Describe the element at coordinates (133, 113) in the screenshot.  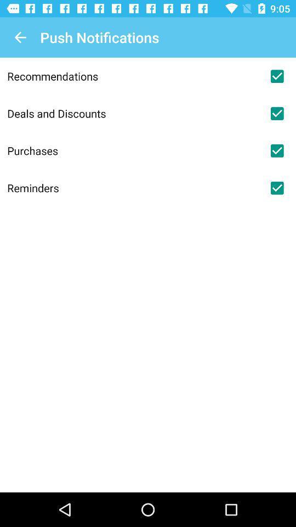
I see `item above the purchases icon` at that location.